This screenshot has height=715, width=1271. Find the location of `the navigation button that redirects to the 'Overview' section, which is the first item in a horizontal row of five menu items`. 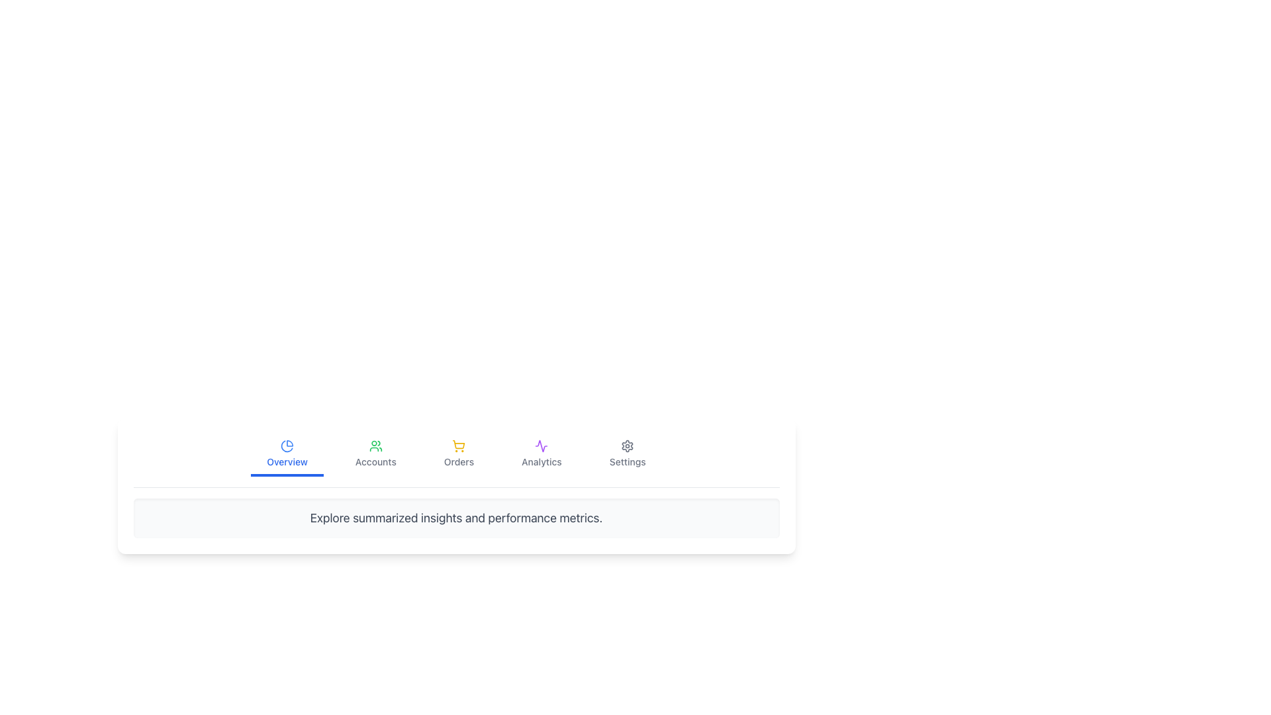

the navigation button that redirects to the 'Overview' section, which is the first item in a horizontal row of five menu items is located at coordinates (287, 454).